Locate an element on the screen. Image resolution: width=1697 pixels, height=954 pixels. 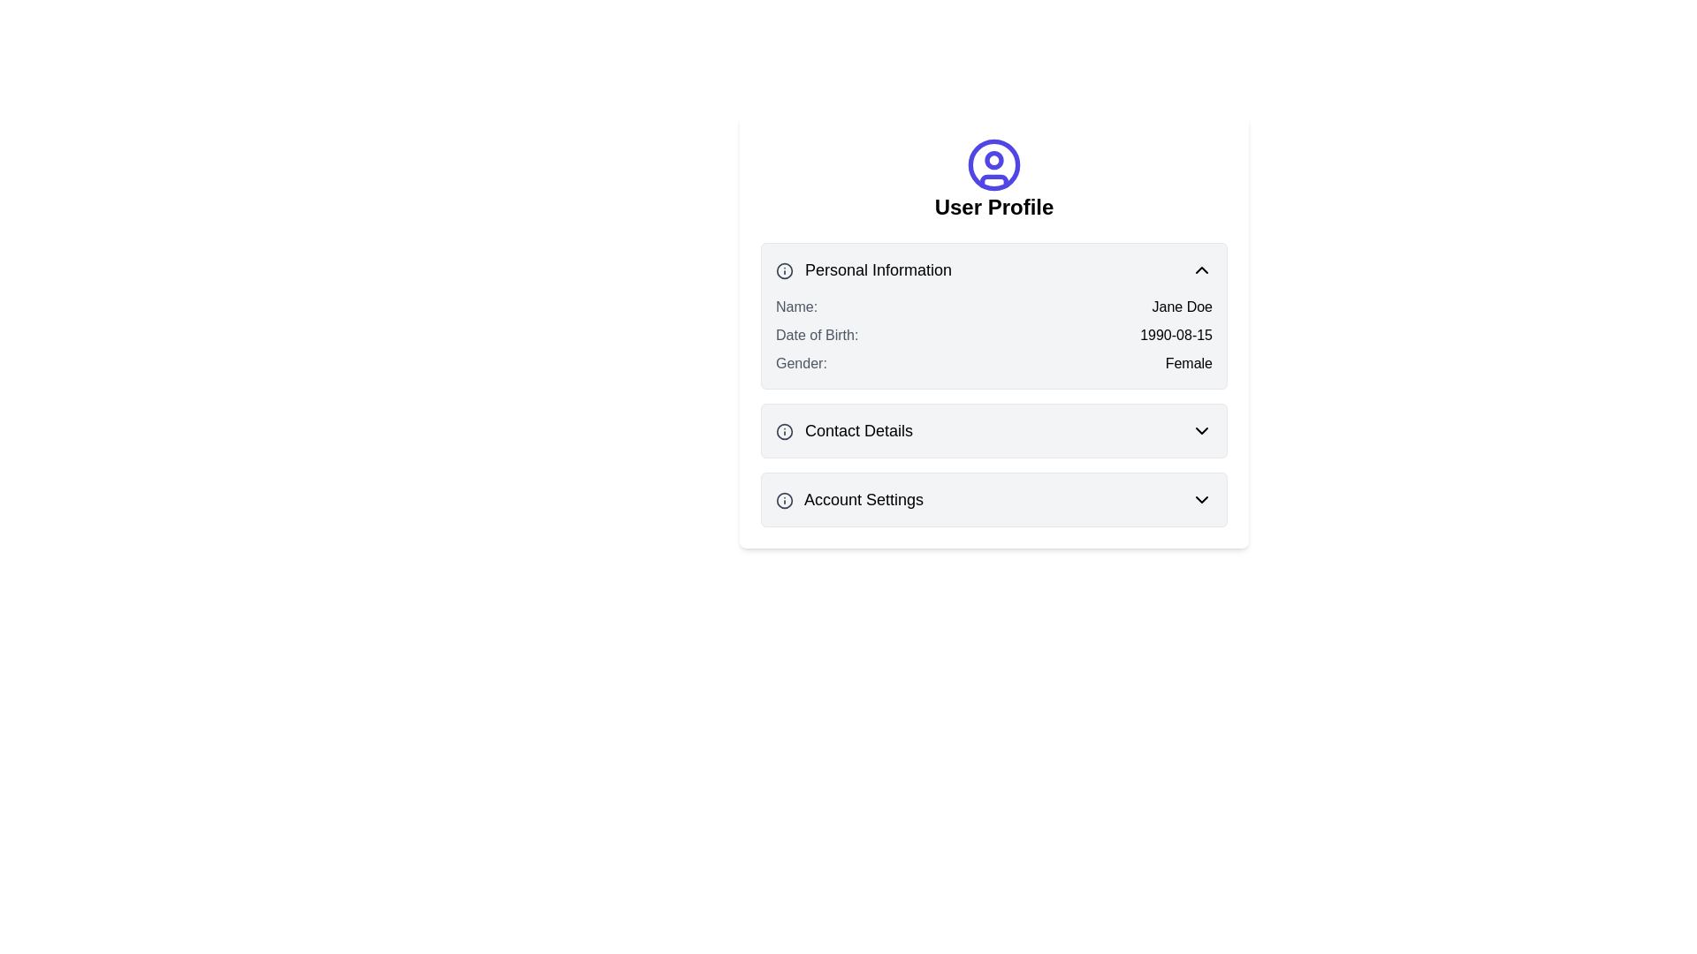
the 'Personal Information' text label, which is styled in bold and acts as a section header in the user profile area is located at coordinates (864, 269).